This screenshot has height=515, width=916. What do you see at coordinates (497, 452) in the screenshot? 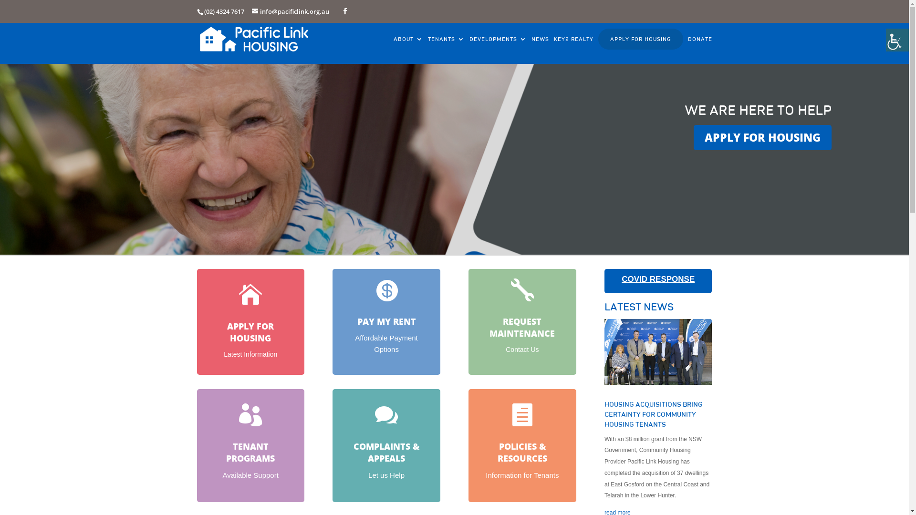
I see `'POLICIES & RESOURCES'` at bounding box center [497, 452].